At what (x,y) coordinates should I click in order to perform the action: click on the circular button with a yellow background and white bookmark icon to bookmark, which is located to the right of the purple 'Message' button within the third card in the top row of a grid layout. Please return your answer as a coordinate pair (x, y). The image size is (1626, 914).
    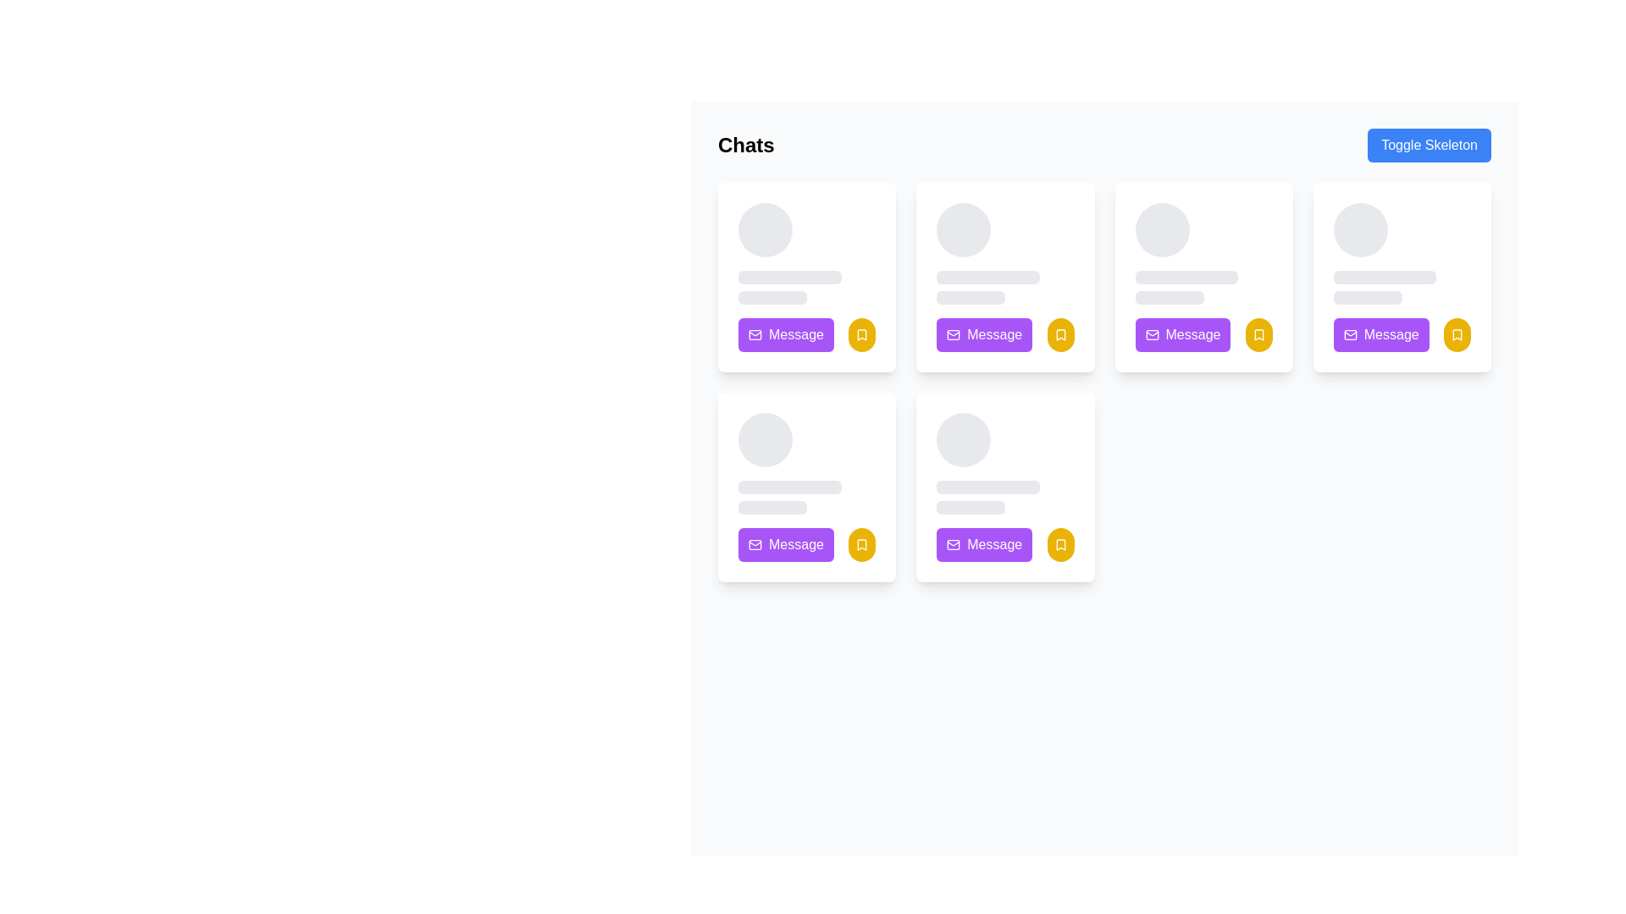
    Looking at the image, I should click on (1258, 335).